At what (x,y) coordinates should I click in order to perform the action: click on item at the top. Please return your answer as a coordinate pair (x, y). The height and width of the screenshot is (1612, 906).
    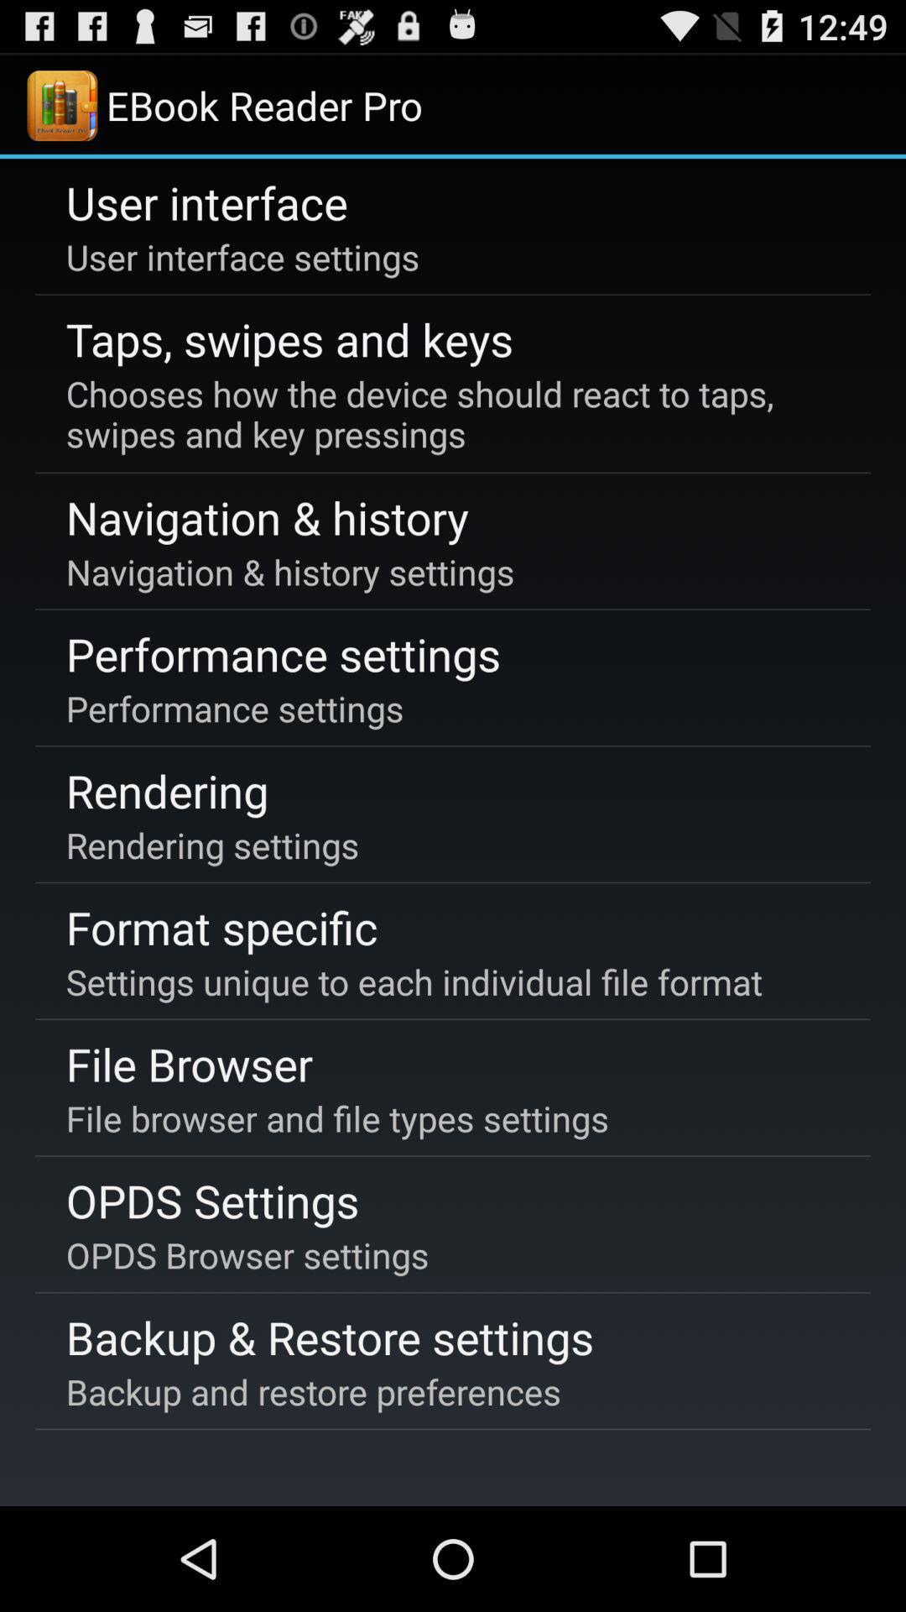
    Looking at the image, I should click on (450, 414).